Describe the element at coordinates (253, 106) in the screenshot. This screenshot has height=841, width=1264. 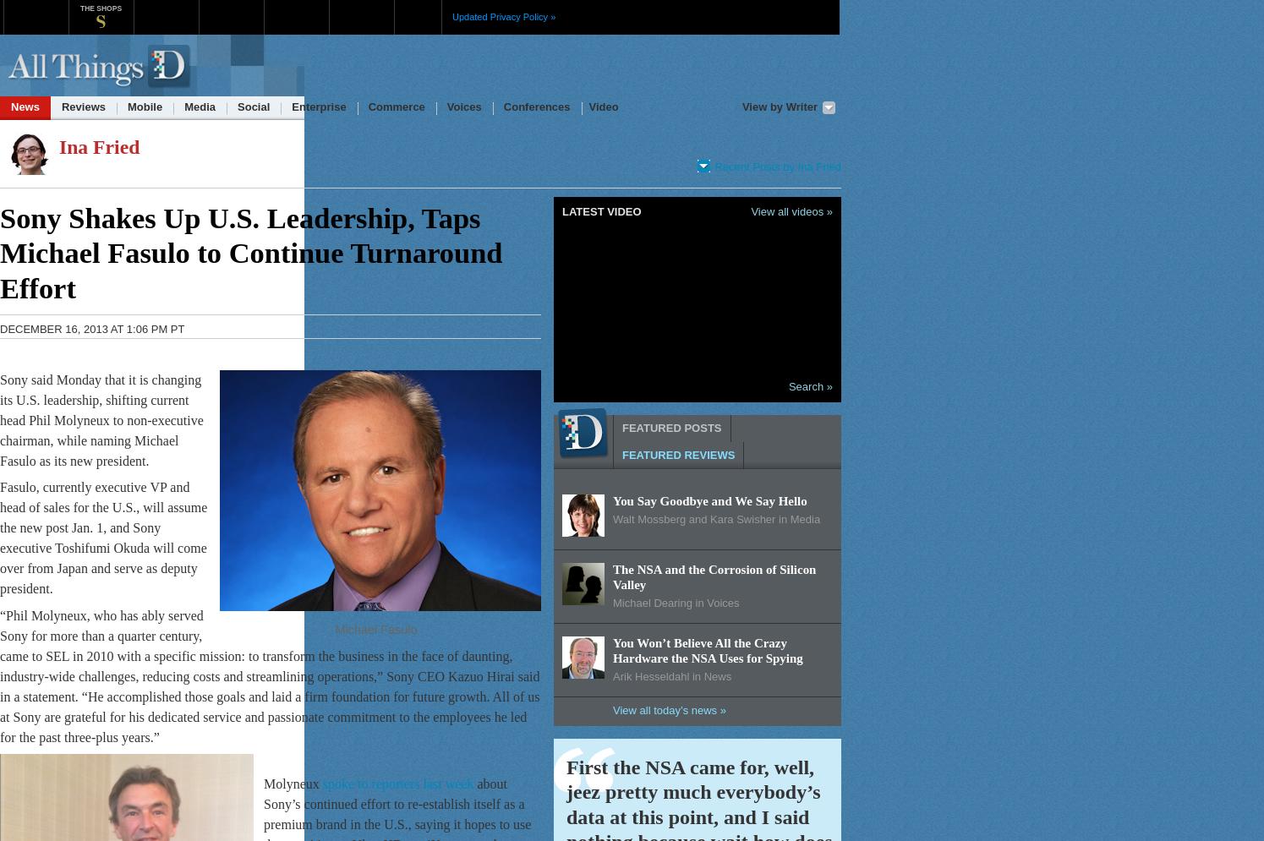
I see `'Social'` at that location.